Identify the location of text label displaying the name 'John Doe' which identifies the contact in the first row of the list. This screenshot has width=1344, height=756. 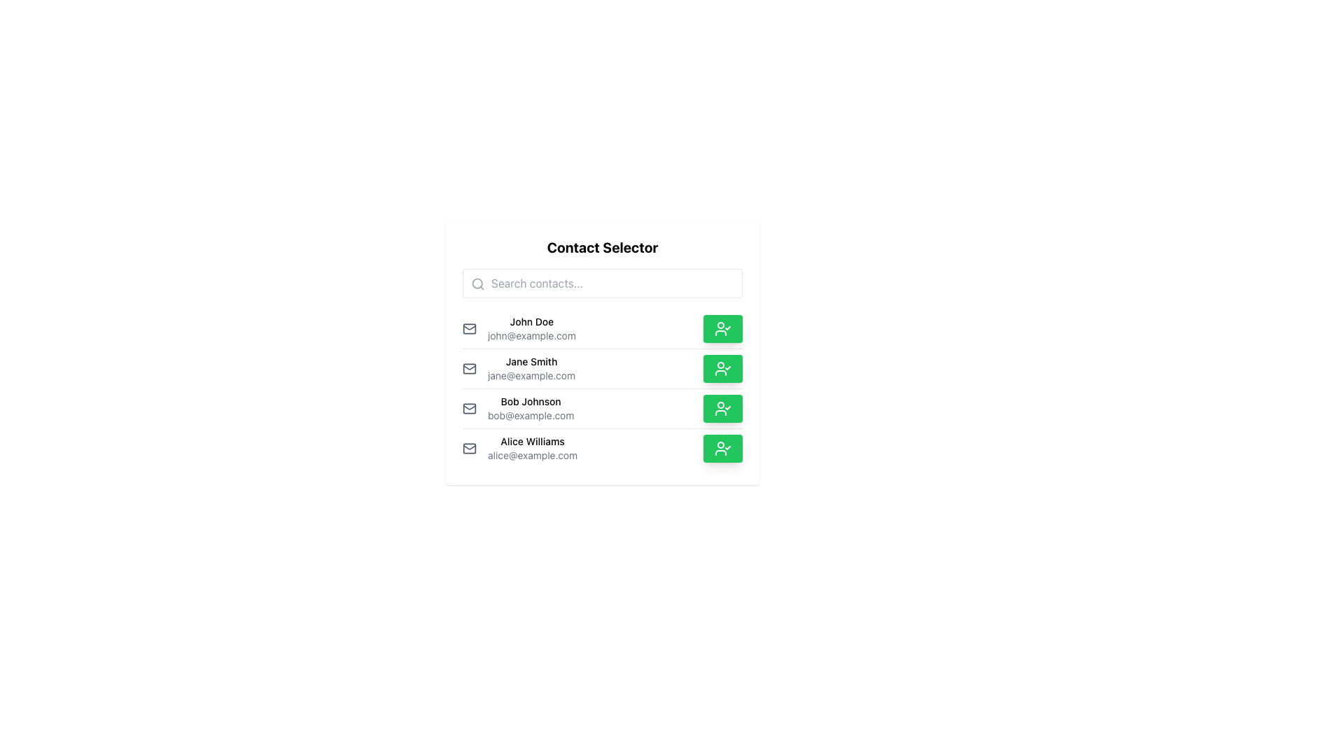
(531, 321).